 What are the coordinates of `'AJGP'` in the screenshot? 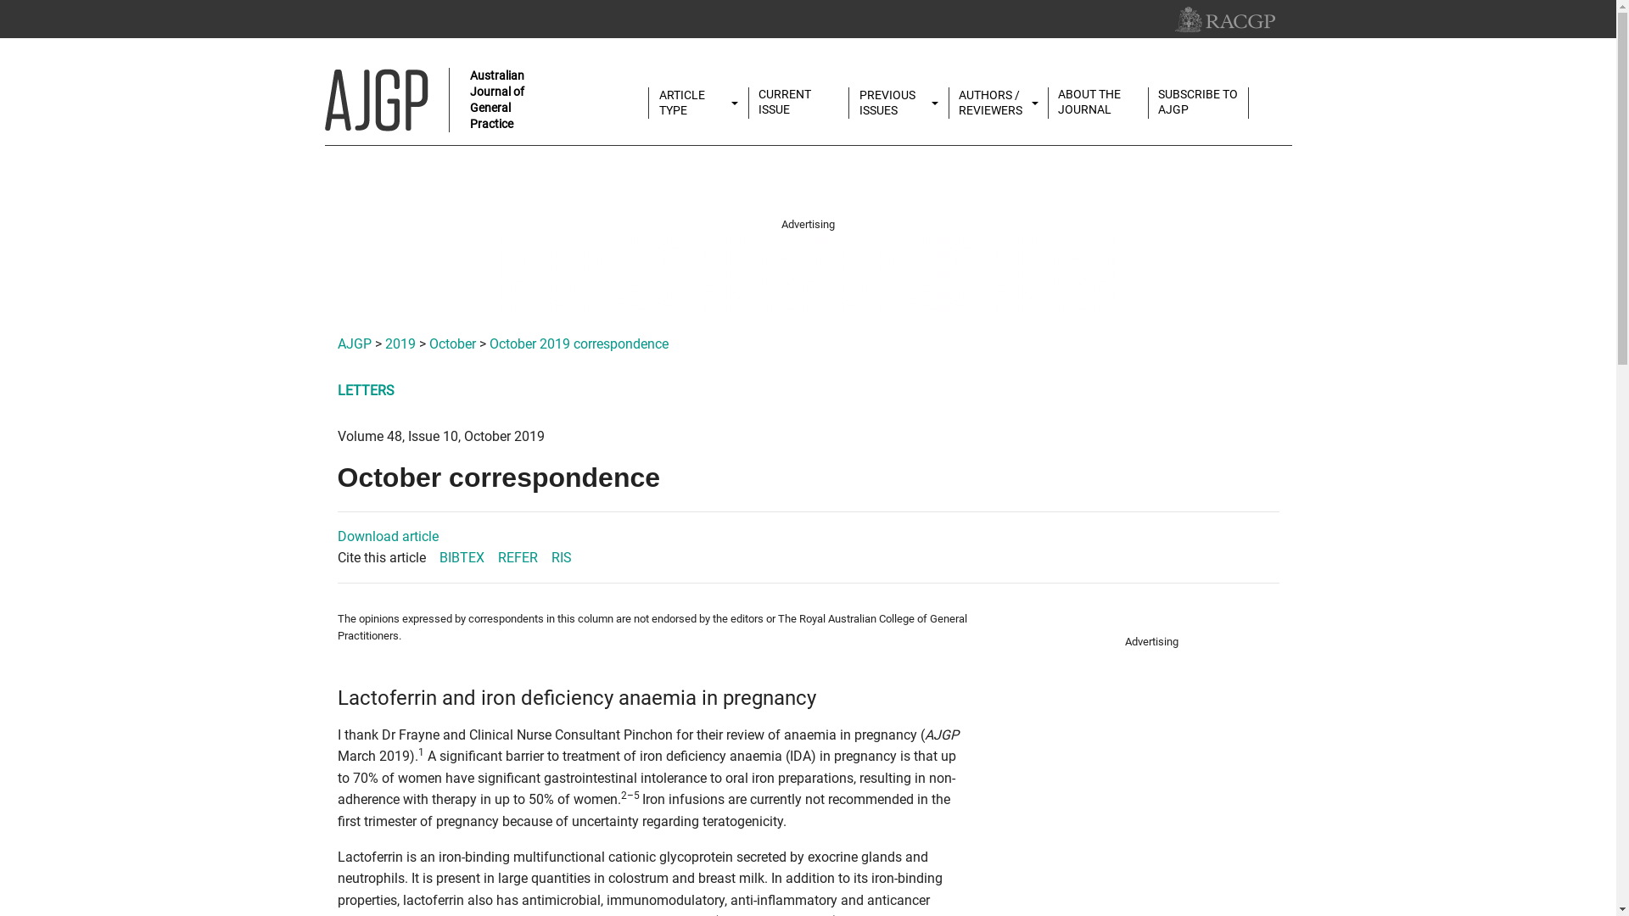 It's located at (353, 343).